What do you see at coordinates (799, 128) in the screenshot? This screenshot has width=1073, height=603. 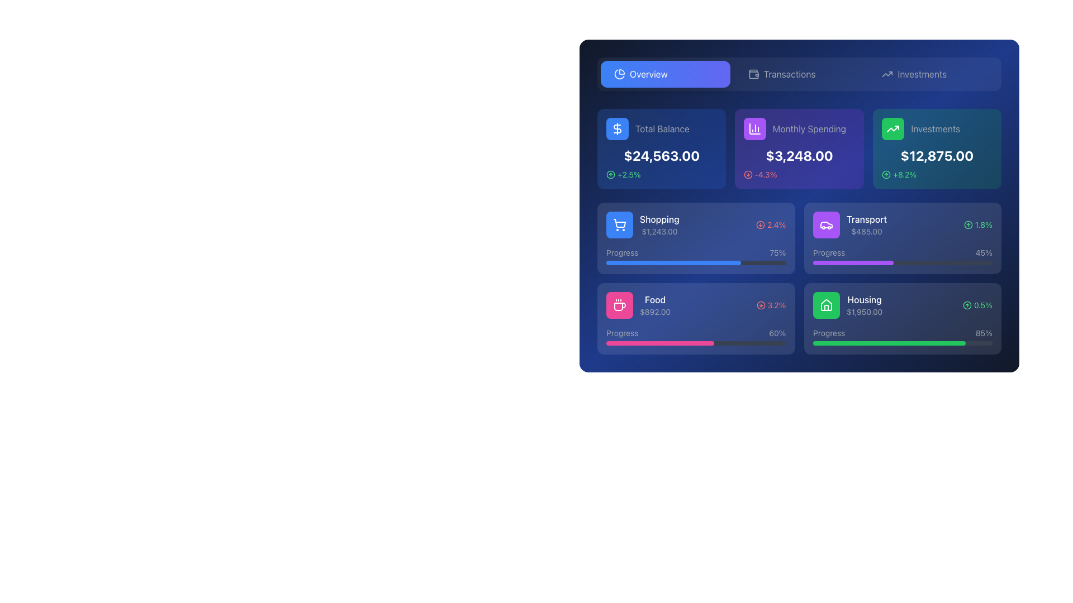 I see `header text 'Monthly Spending' located in the upper part of the card with a vibrant purple icon on the left, positioned between the 'Total Balance' and 'Investments' cards` at bounding box center [799, 128].